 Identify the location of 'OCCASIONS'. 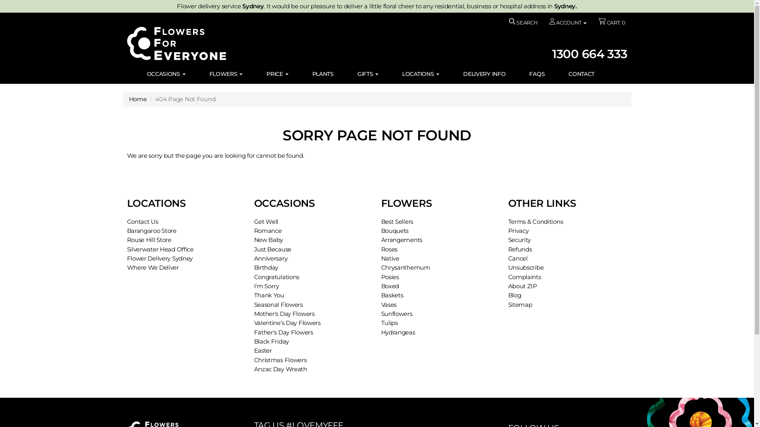
(165, 74).